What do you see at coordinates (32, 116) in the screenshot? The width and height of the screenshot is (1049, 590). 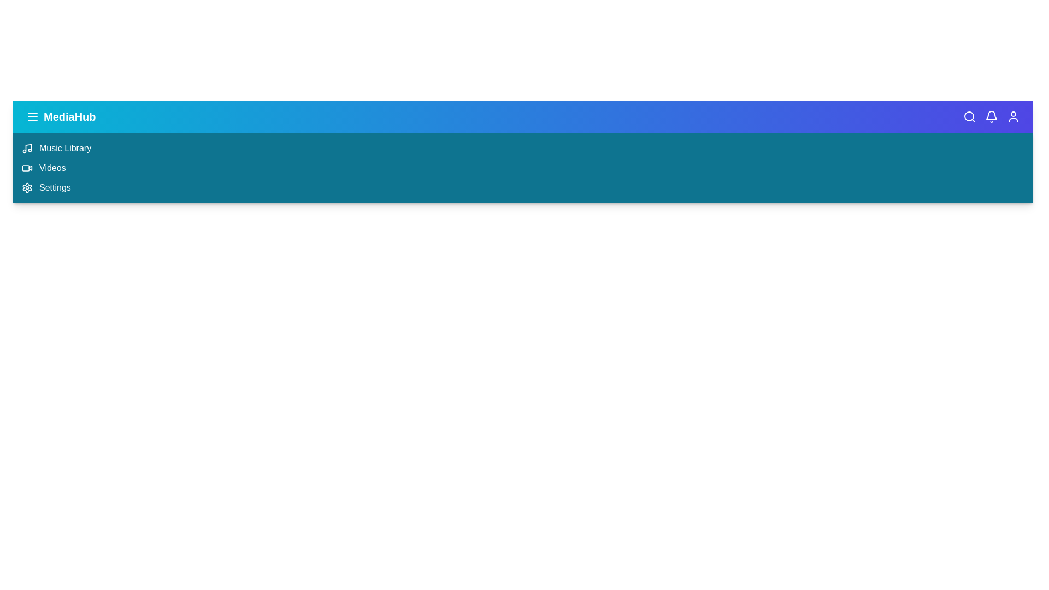 I see `menu toggle button to toggle the visibility of the navigation menu` at bounding box center [32, 116].